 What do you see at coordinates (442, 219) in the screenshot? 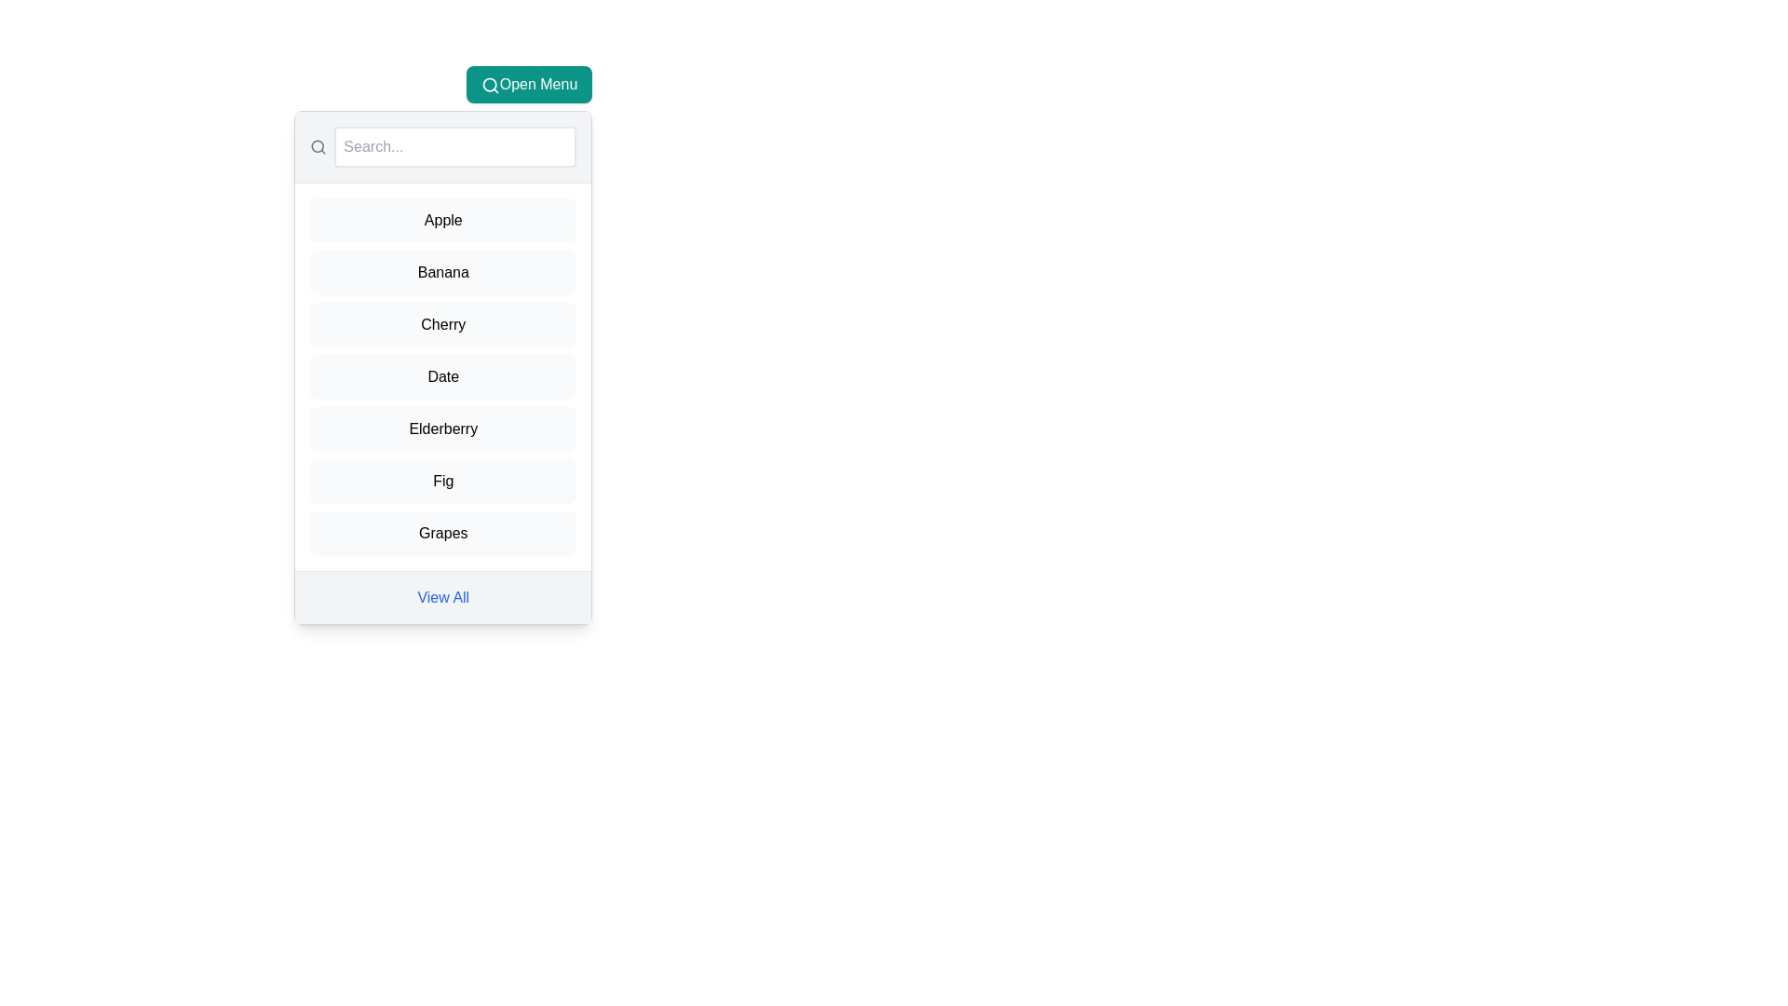
I see `the selectable list item labeled 'Apple', which is the first item in a vertically stacked list` at bounding box center [442, 219].